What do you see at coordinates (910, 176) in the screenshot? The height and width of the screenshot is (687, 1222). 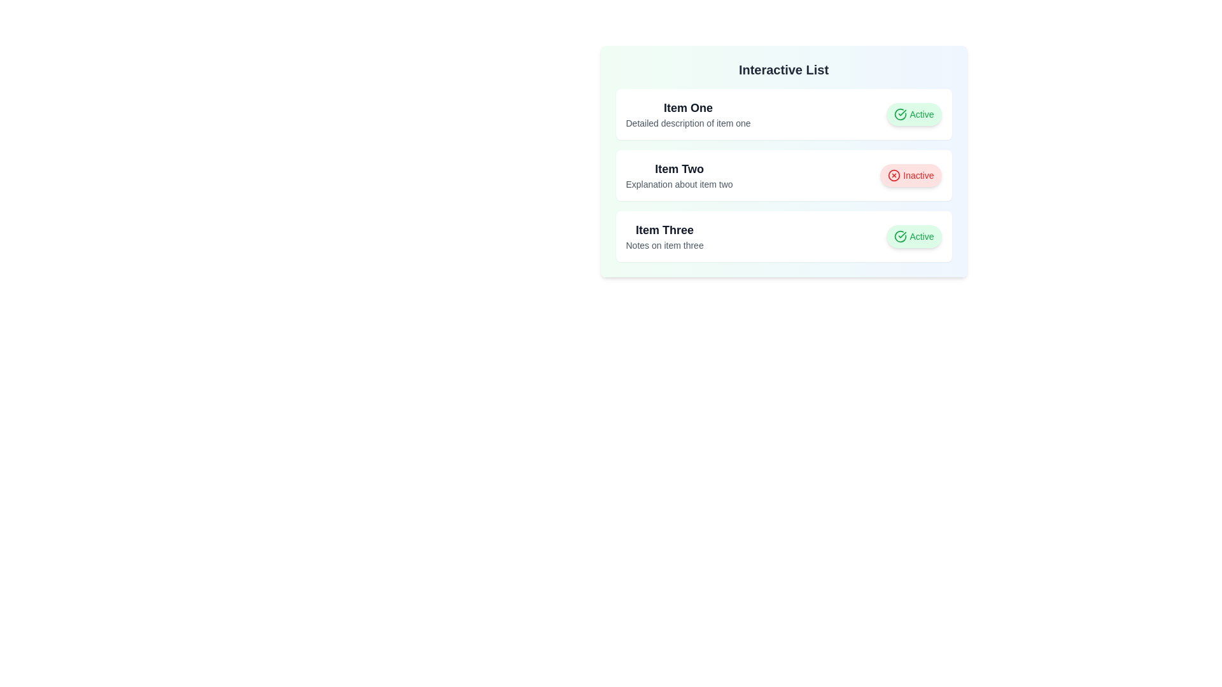 I see `the item by clicking the button associated with Item Two` at bounding box center [910, 176].